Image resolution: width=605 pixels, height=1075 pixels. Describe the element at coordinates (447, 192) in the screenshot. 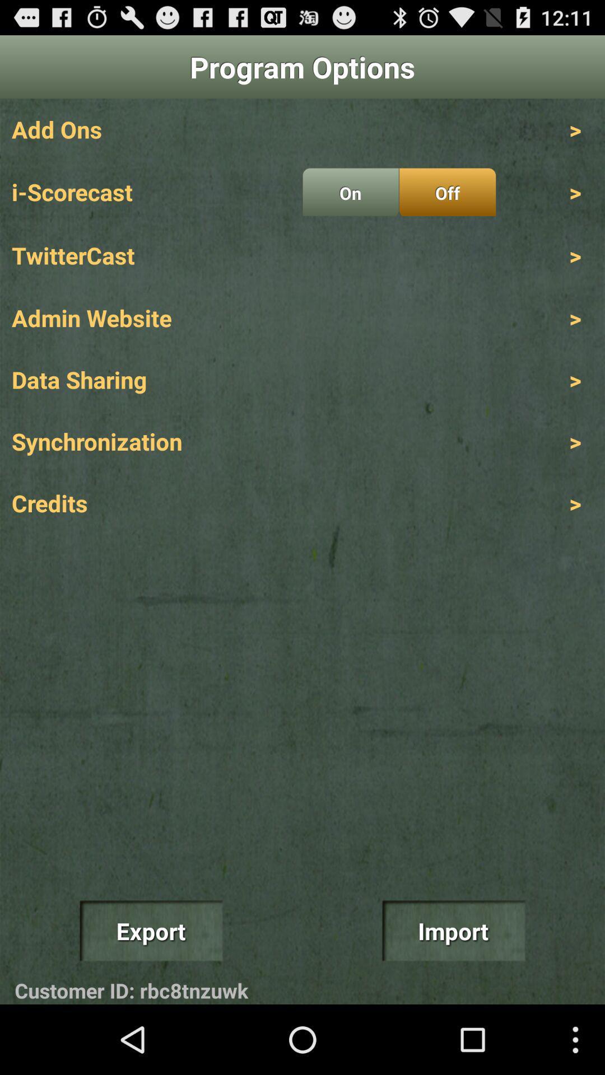

I see `the icon below >   icon` at that location.